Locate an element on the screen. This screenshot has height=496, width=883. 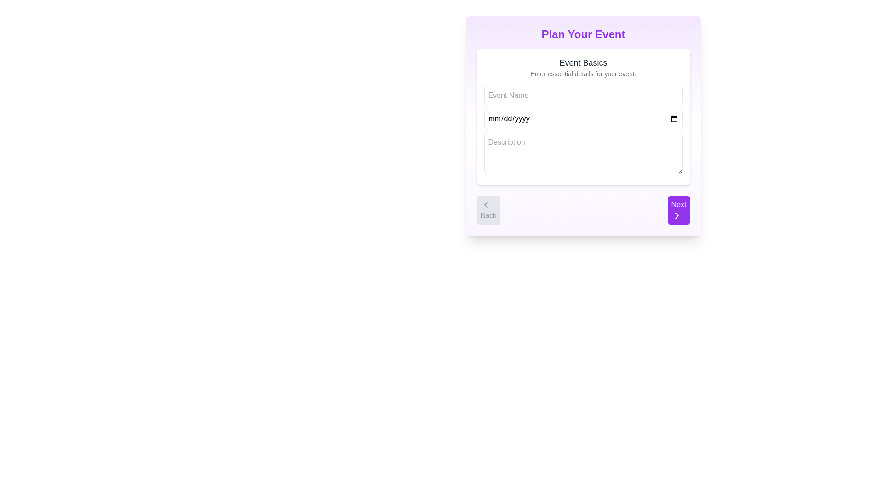
the Text Label displaying 'Enter essential details for your event.' which is located below the 'Event Basics' header and above the 'Event Name' input field is located at coordinates (583, 73).